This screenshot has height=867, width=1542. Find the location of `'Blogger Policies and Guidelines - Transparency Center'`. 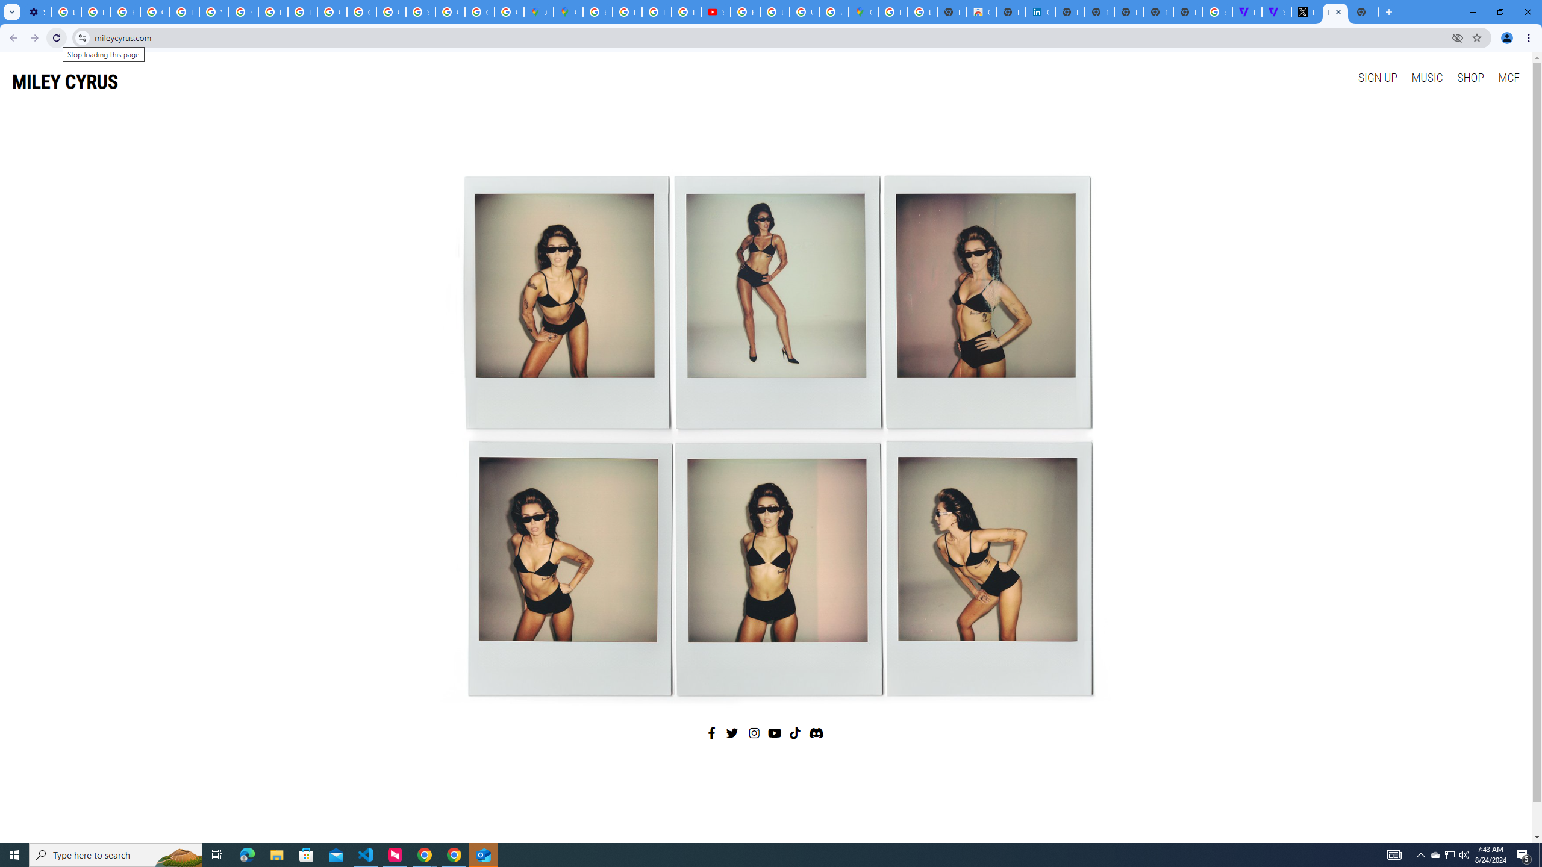

'Blogger Policies and Guidelines - Transparency Center' is located at coordinates (598, 11).